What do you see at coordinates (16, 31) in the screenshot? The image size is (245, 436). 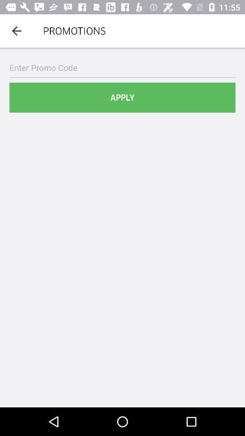 I see `icon to the left of promotions` at bounding box center [16, 31].